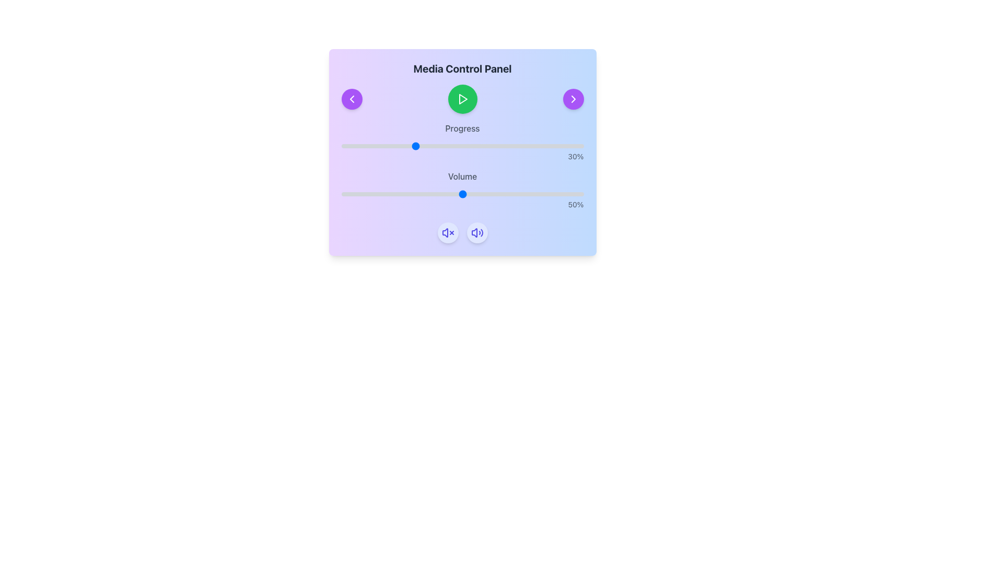 This screenshot has height=564, width=1003. Describe the element at coordinates (344, 194) in the screenshot. I see `the slider value` at that location.